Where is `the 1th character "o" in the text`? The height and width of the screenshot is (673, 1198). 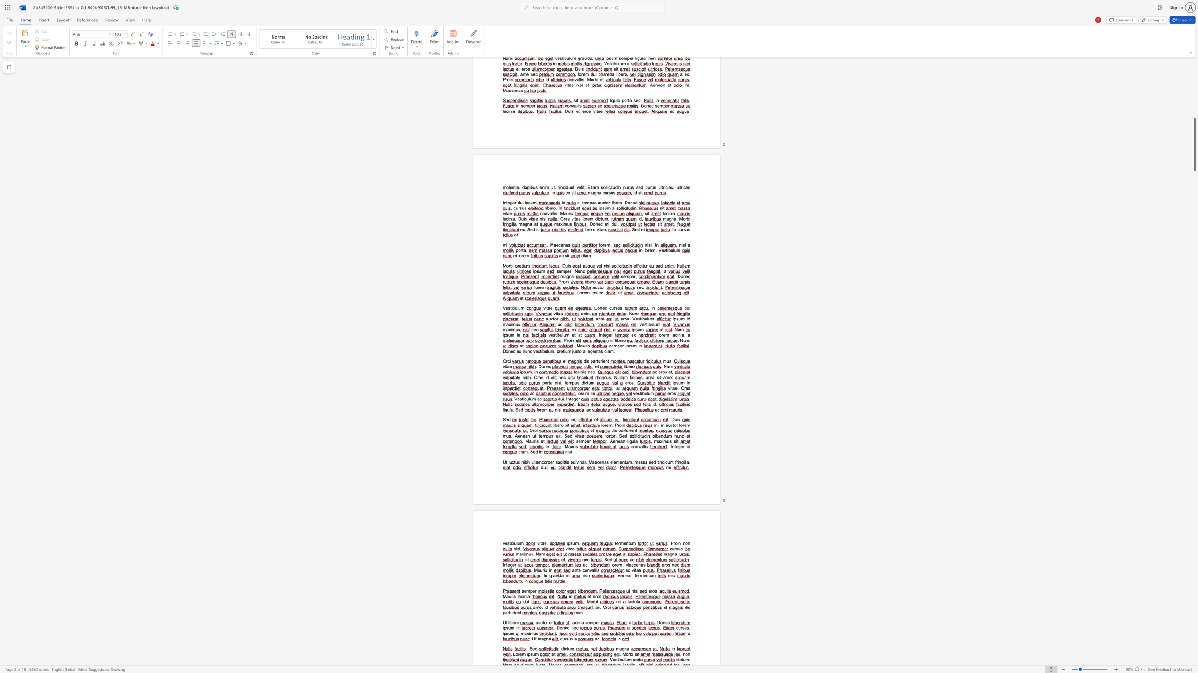
the 1th character "o" in the text is located at coordinates (634, 446).